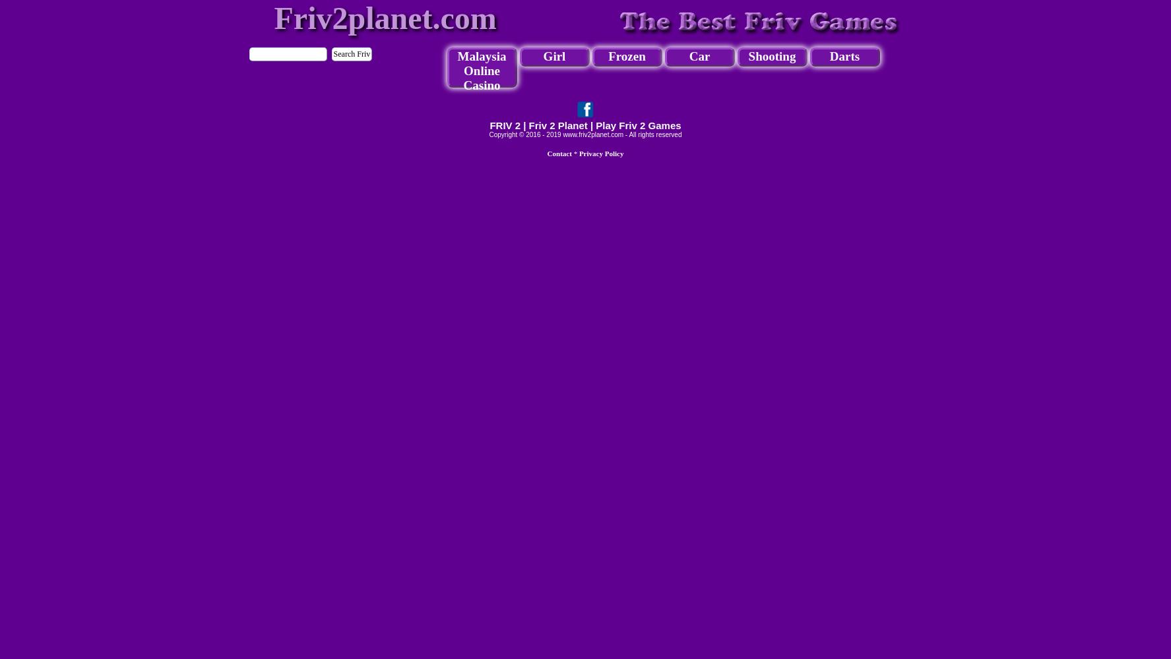 The image size is (1171, 659). I want to click on 'Darts', so click(844, 55).